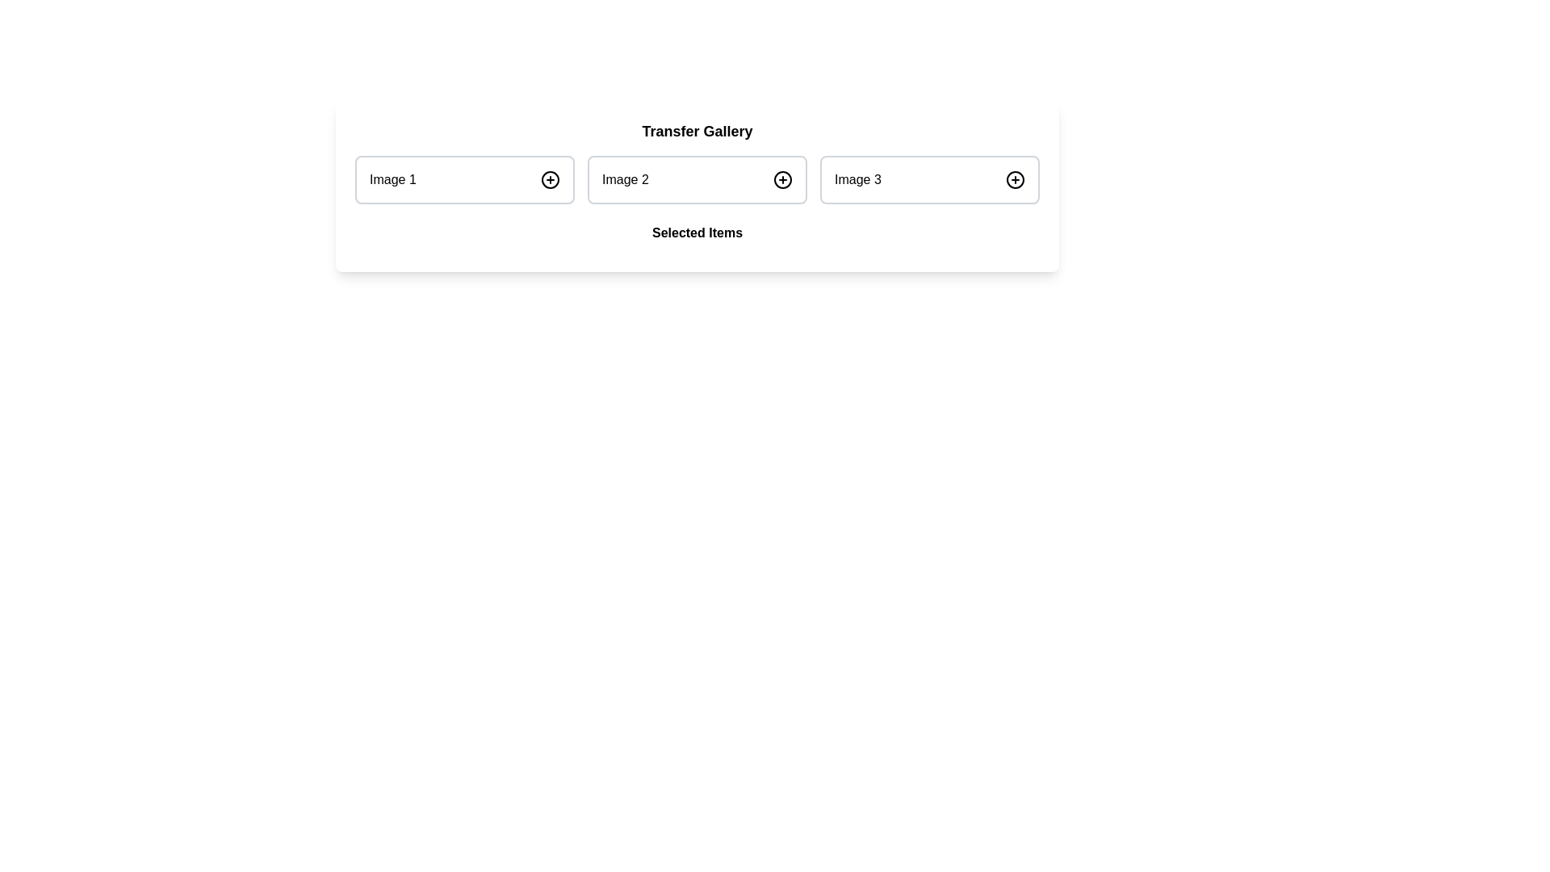 The image size is (1550, 872). What do you see at coordinates (782, 180) in the screenshot?
I see `the circular button with a plus sign inside, located to the right of 'Image 2'` at bounding box center [782, 180].